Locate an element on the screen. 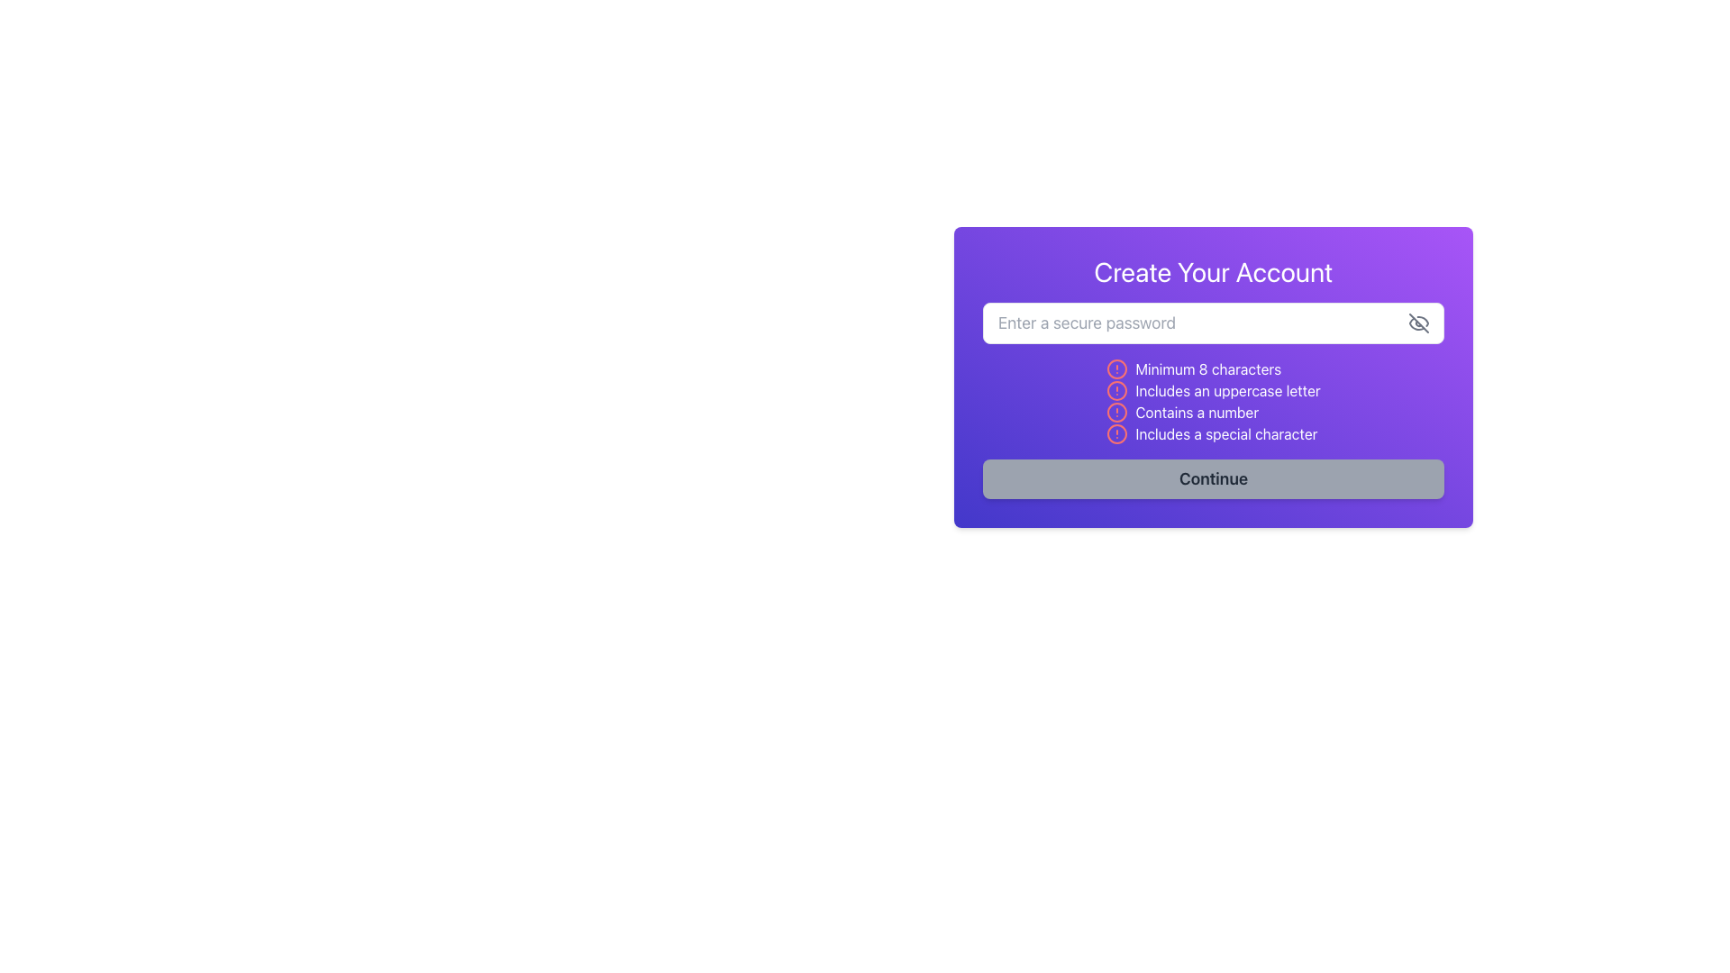 This screenshot has width=1730, height=973. the static text label indicating that the password must include an uppercase letter, located below 'Minimum 8 characters' and above 'Contains a number' is located at coordinates (1227, 390).